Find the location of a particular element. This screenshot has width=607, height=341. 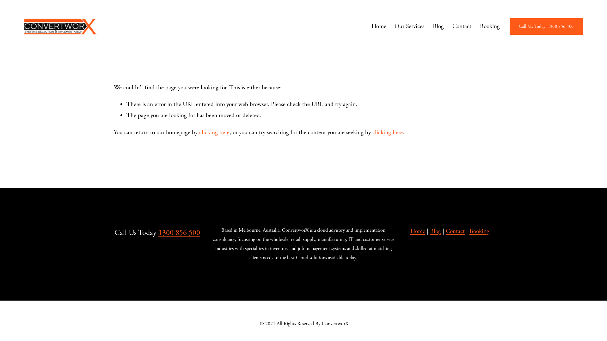

'Our Services' is located at coordinates (394, 26).